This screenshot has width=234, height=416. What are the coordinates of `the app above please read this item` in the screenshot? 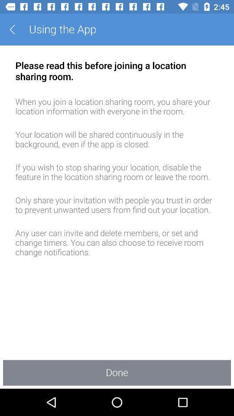 It's located at (15, 29).